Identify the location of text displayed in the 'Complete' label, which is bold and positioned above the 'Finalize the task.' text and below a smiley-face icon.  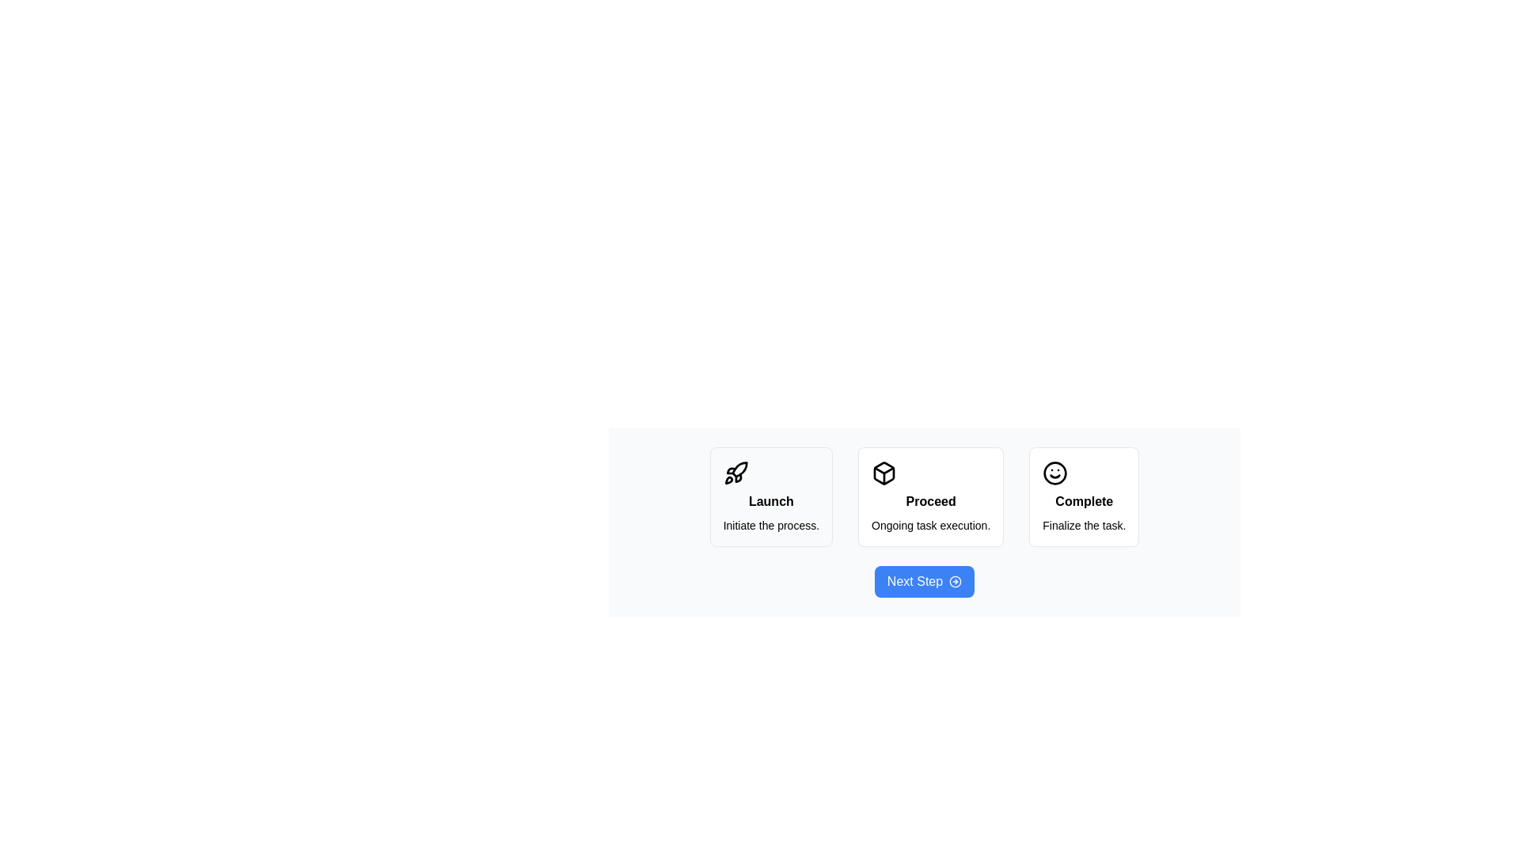
(1083, 501).